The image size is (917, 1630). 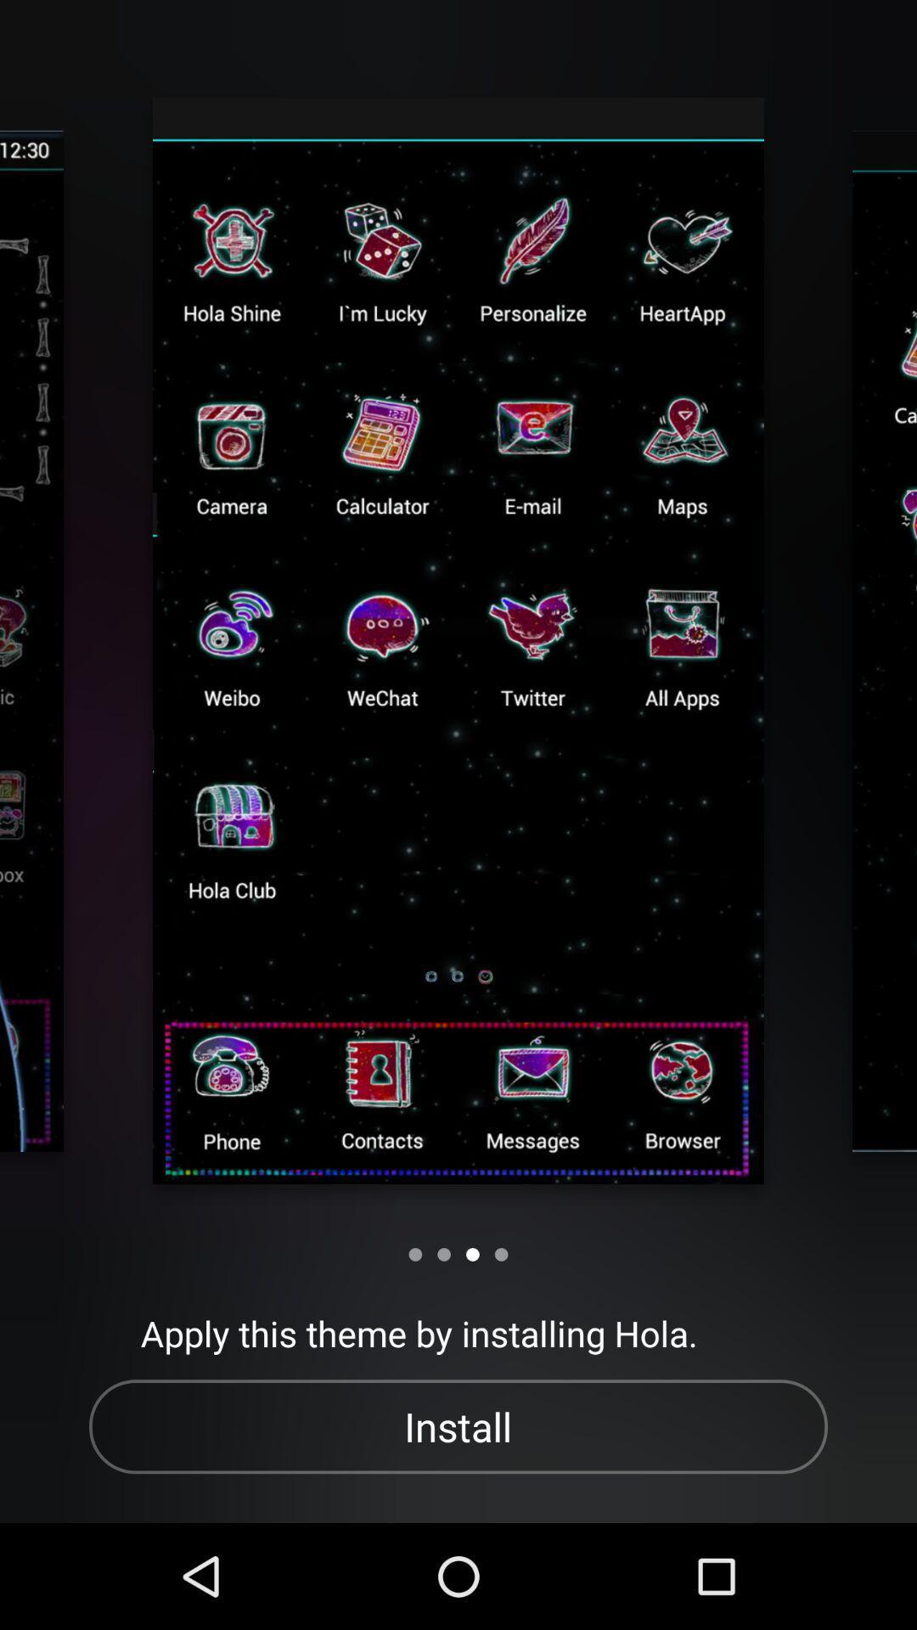 I want to click on the icon above apply this theme icon, so click(x=415, y=1254).